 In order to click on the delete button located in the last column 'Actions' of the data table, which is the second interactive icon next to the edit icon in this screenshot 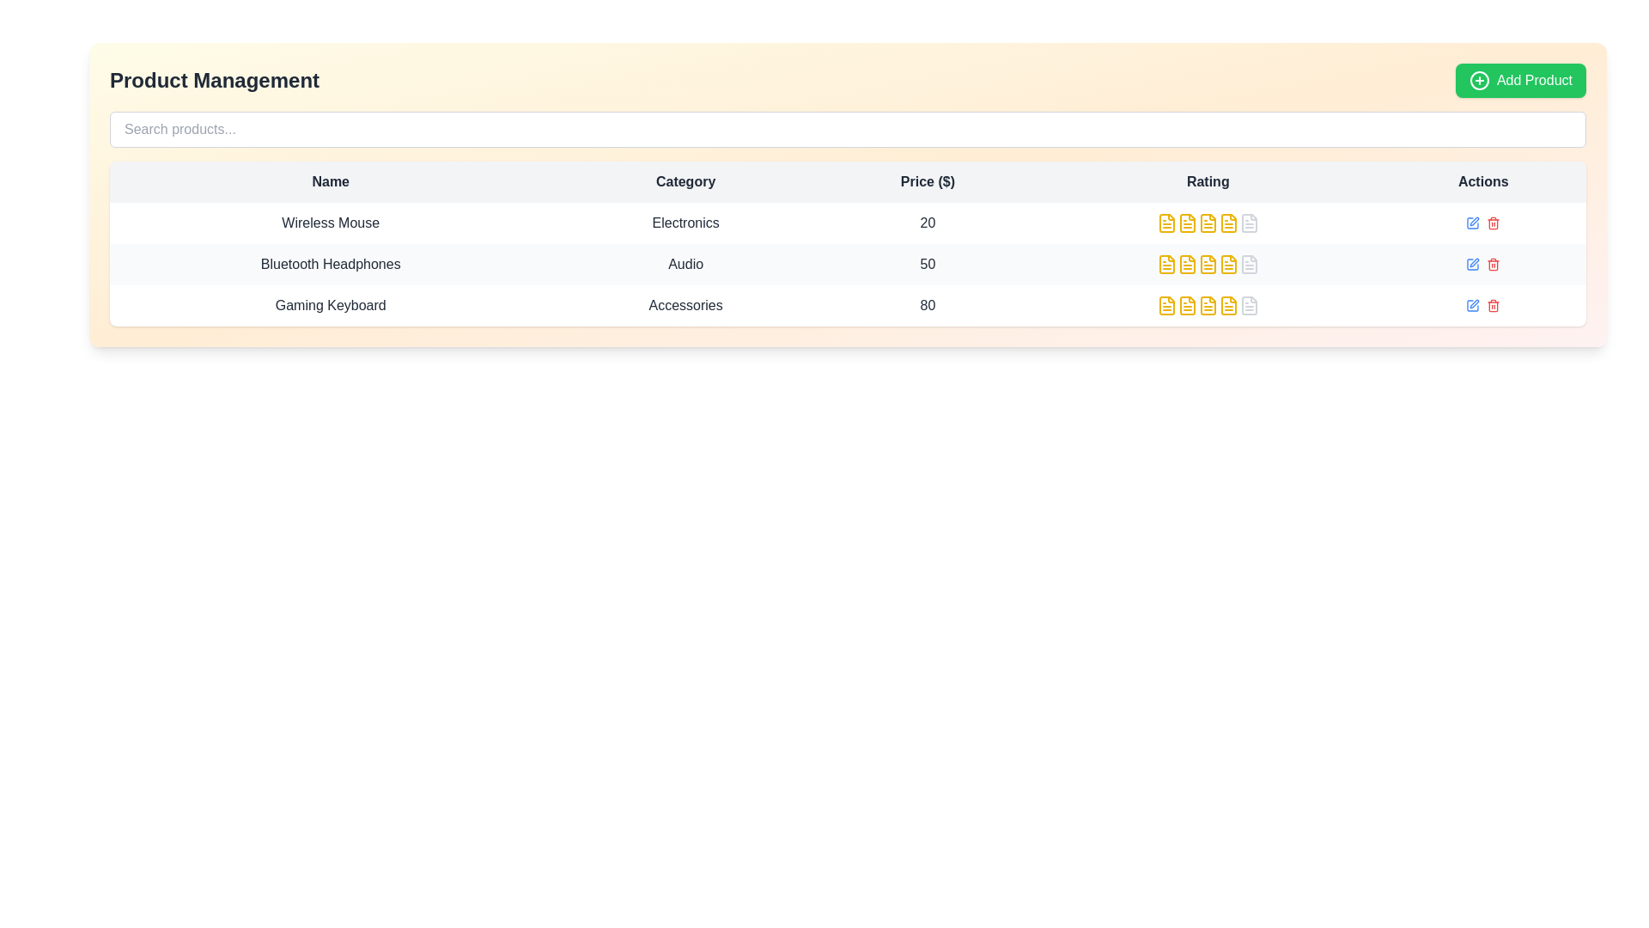, I will do `click(1492, 222)`.